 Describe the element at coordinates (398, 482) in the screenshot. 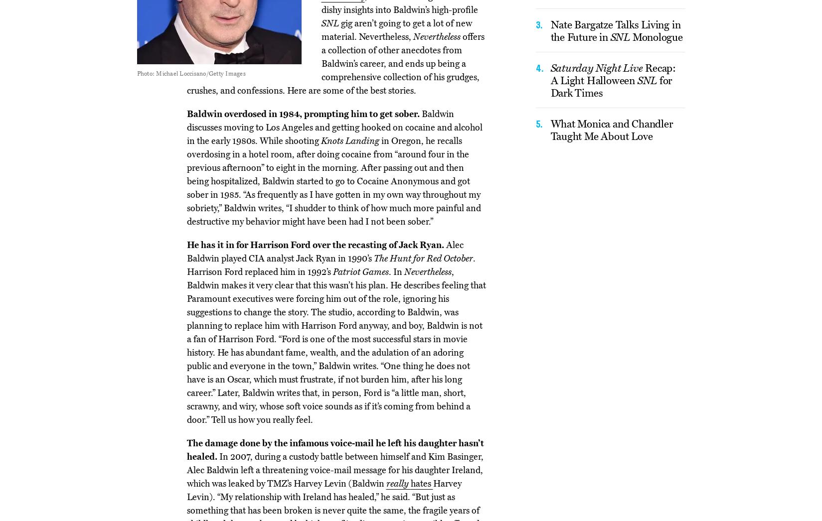

I see `'really'` at that location.